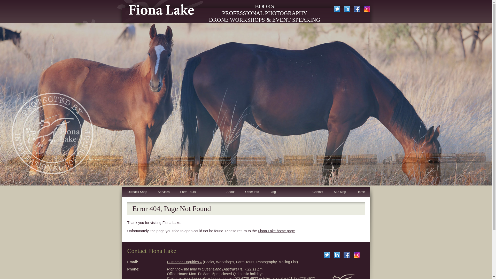  I want to click on 'Other Info', so click(252, 192).